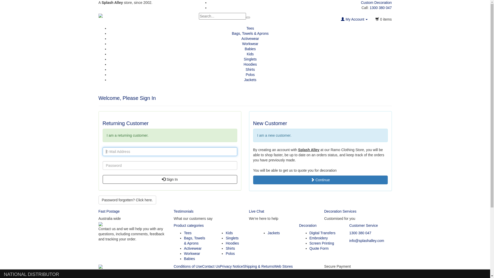 The image size is (494, 278). Describe the element at coordinates (232, 238) in the screenshot. I see `'Singlets'` at that location.